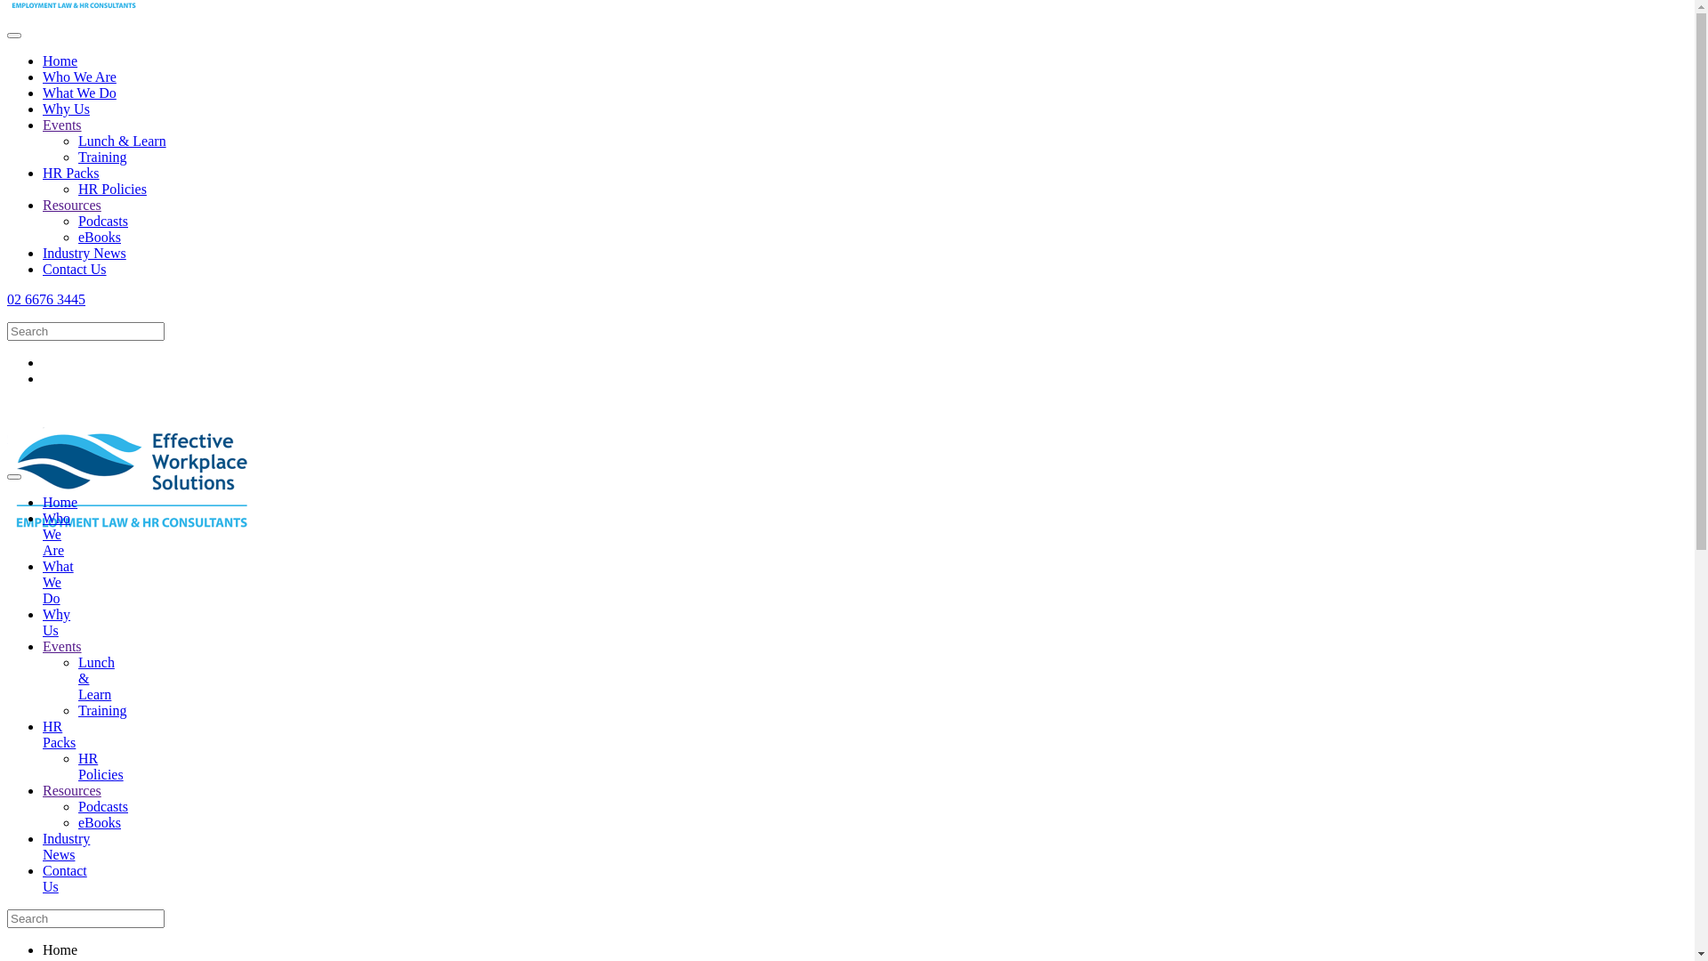  Describe the element at coordinates (77, 189) in the screenshot. I see `'HR Policies'` at that location.